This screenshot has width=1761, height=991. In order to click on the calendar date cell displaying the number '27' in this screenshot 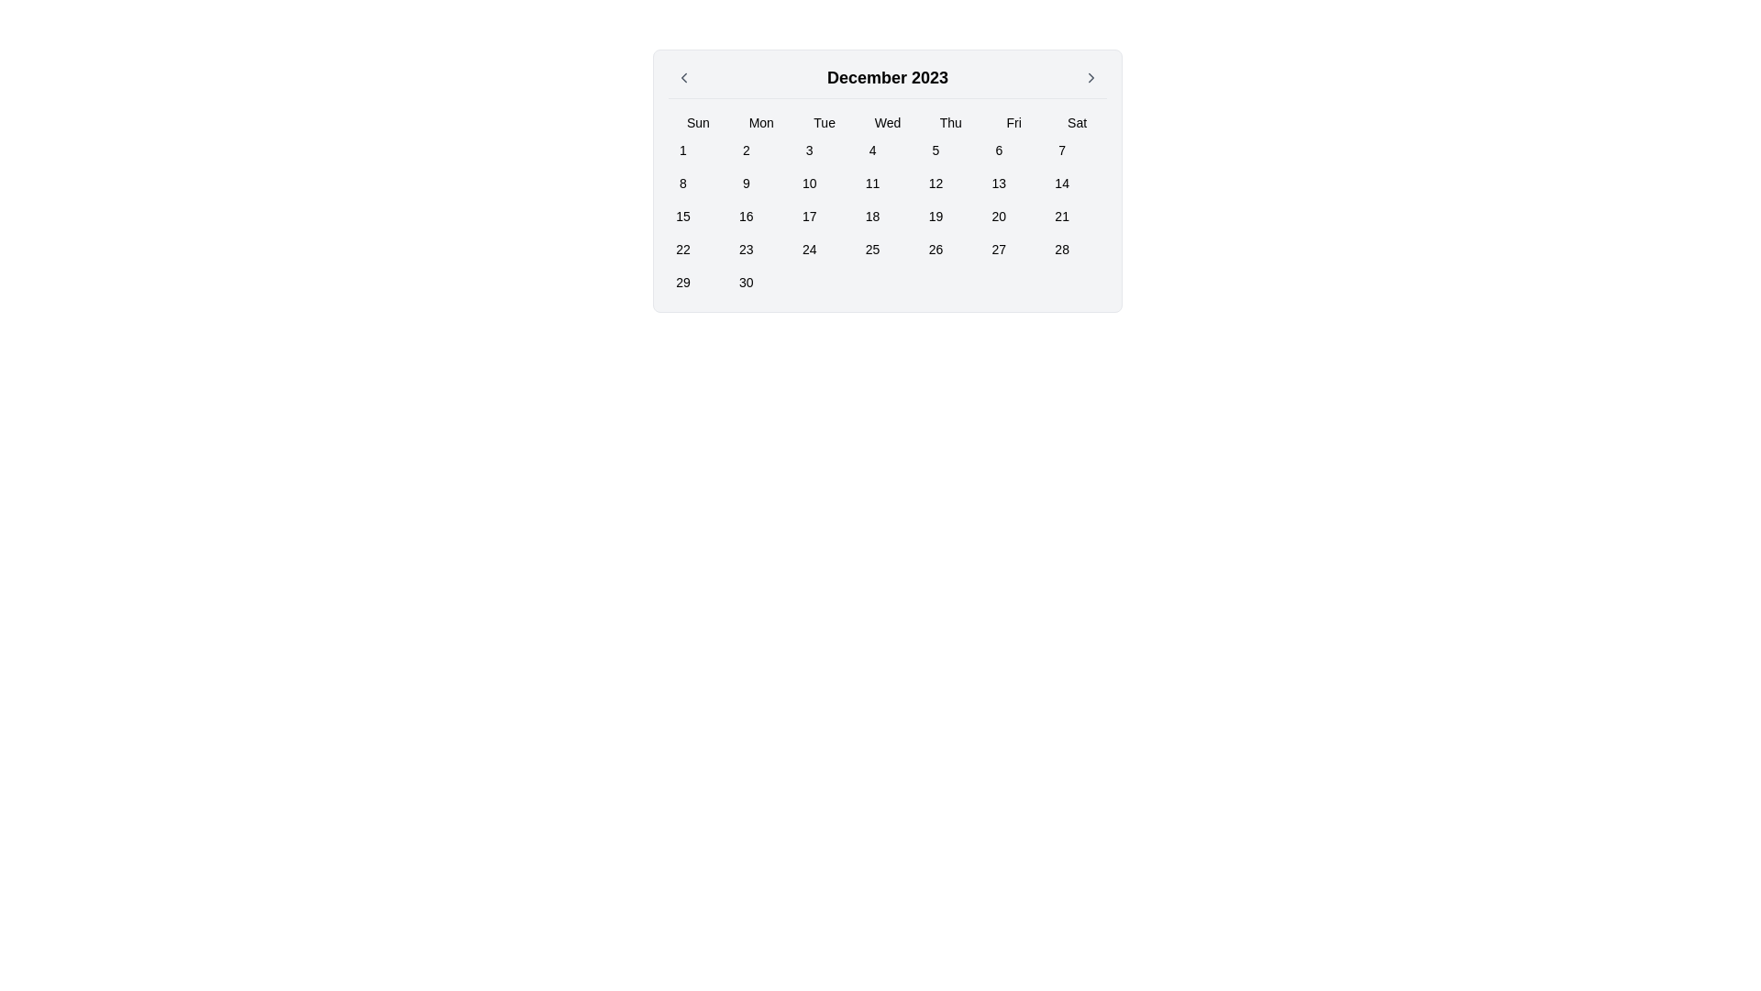, I will do `click(998, 250)`.